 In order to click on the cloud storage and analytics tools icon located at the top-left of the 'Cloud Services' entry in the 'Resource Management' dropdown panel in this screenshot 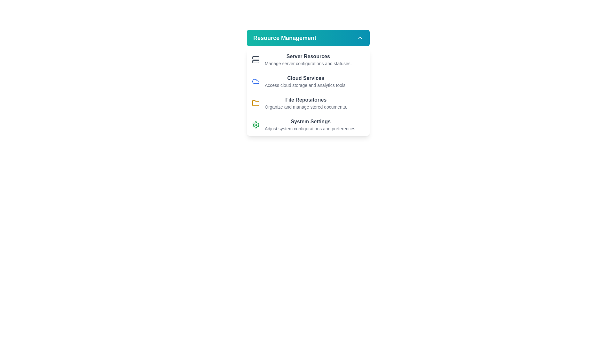, I will do `click(256, 81)`.